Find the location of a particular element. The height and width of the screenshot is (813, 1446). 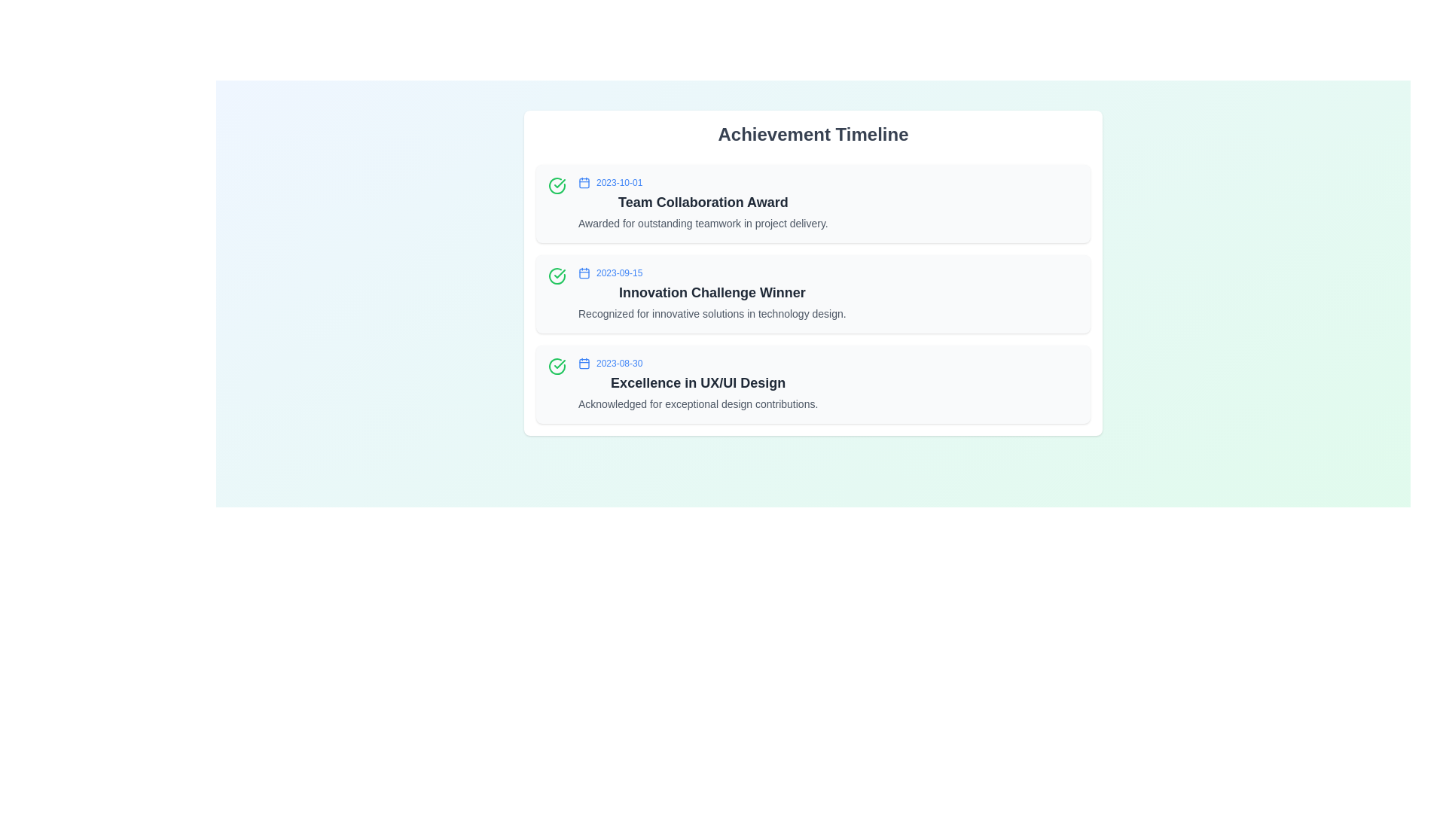

the text label styled with a bold font and gray color displaying 'Innovation Challenge Winner', which is located in the center of the second entry box in the timeline is located at coordinates (711, 293).